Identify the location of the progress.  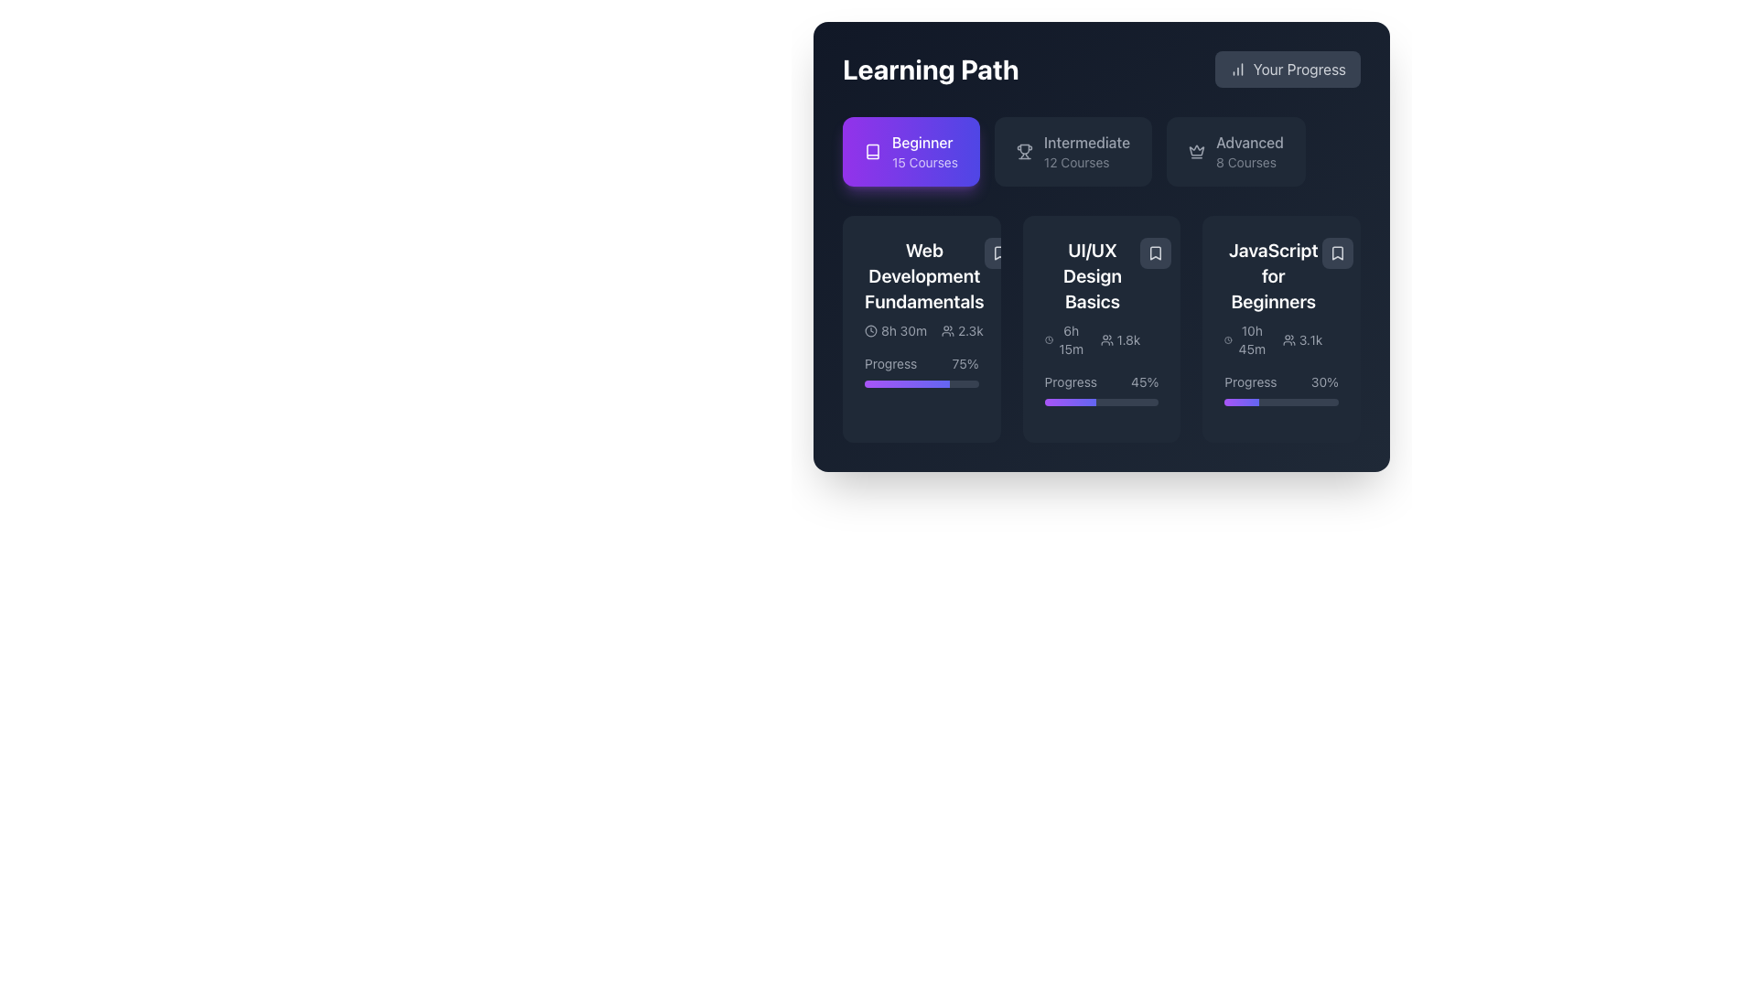
(883, 383).